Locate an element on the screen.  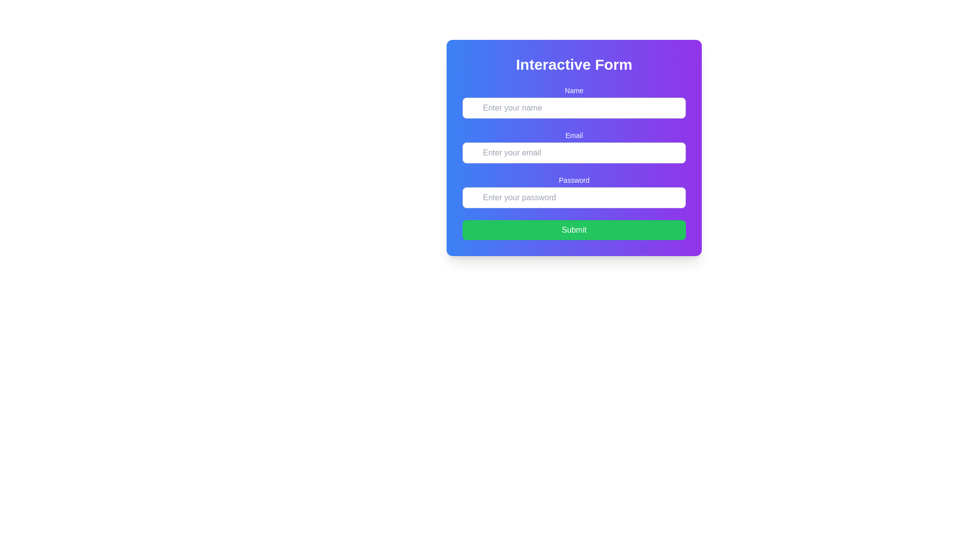
the third password input field located below the 'Email' field and above the 'Submit' button to type a password is located at coordinates (574, 192).